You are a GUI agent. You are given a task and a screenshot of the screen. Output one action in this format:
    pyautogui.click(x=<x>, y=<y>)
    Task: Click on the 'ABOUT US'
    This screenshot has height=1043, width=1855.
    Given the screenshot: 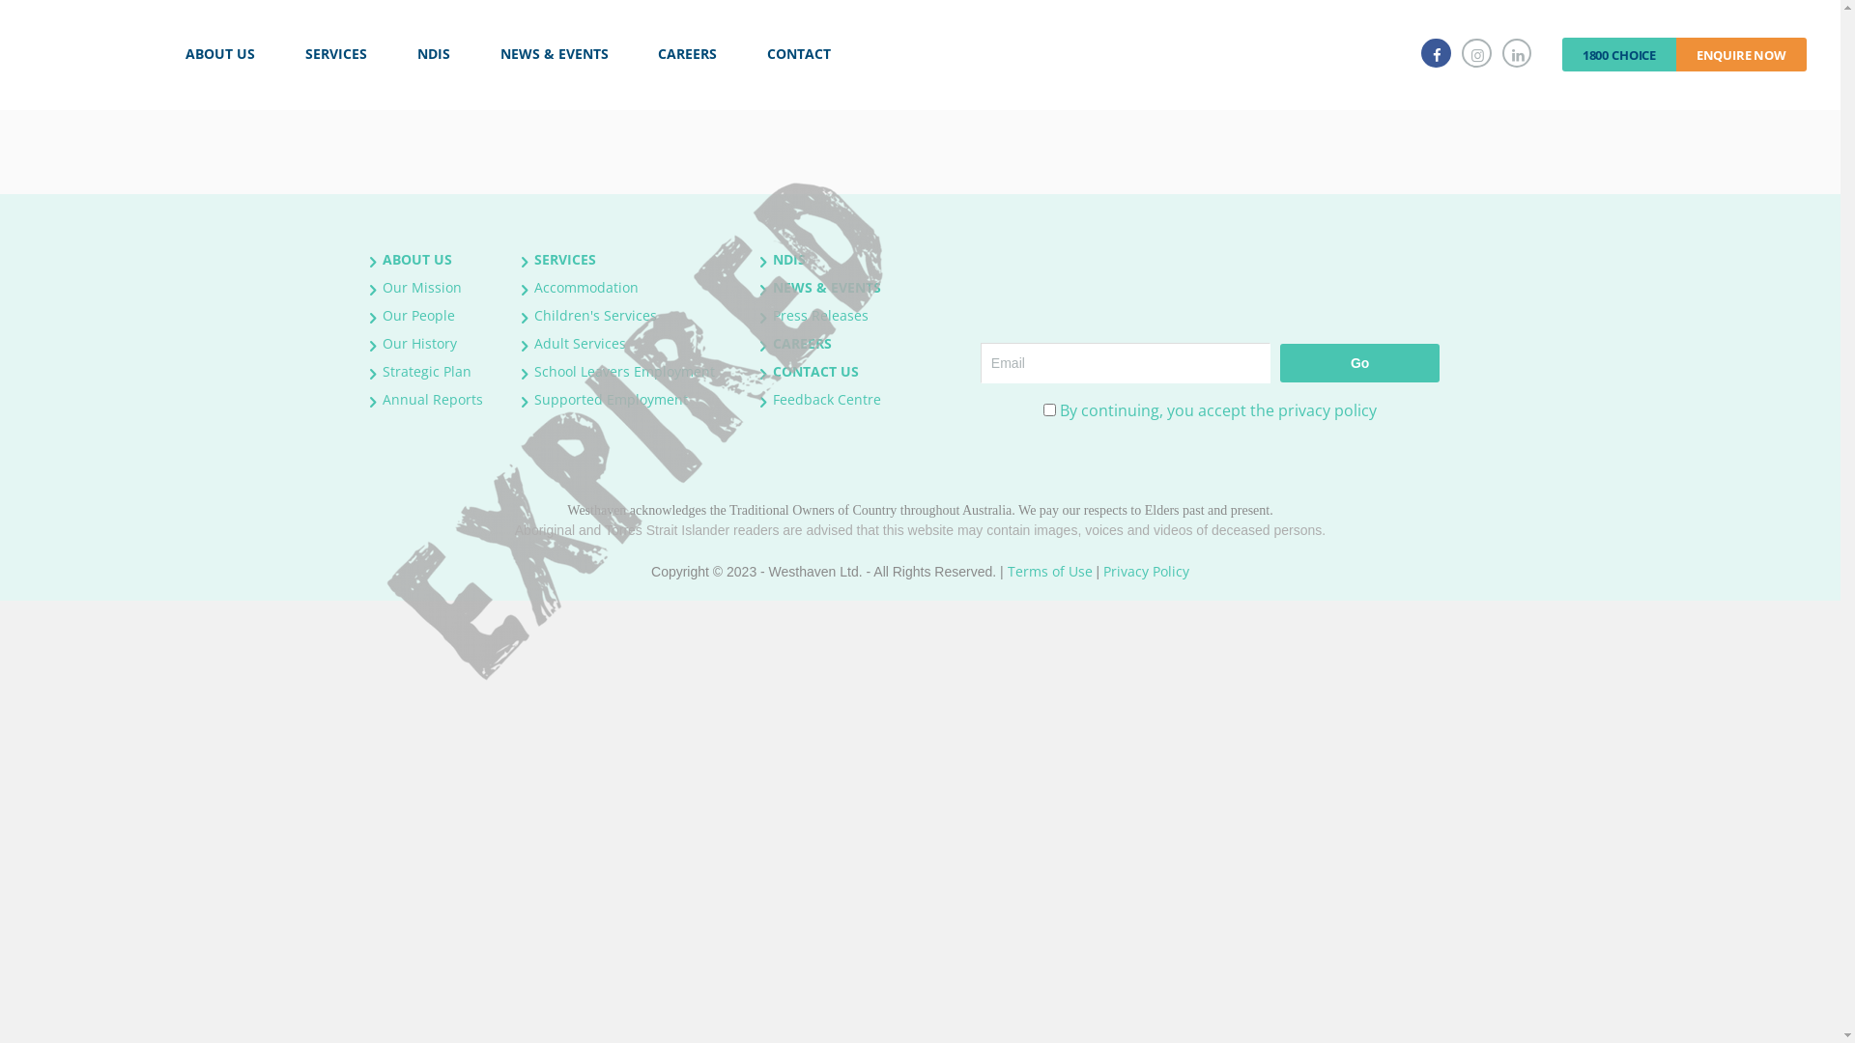 What is the action you would take?
    pyautogui.click(x=219, y=53)
    